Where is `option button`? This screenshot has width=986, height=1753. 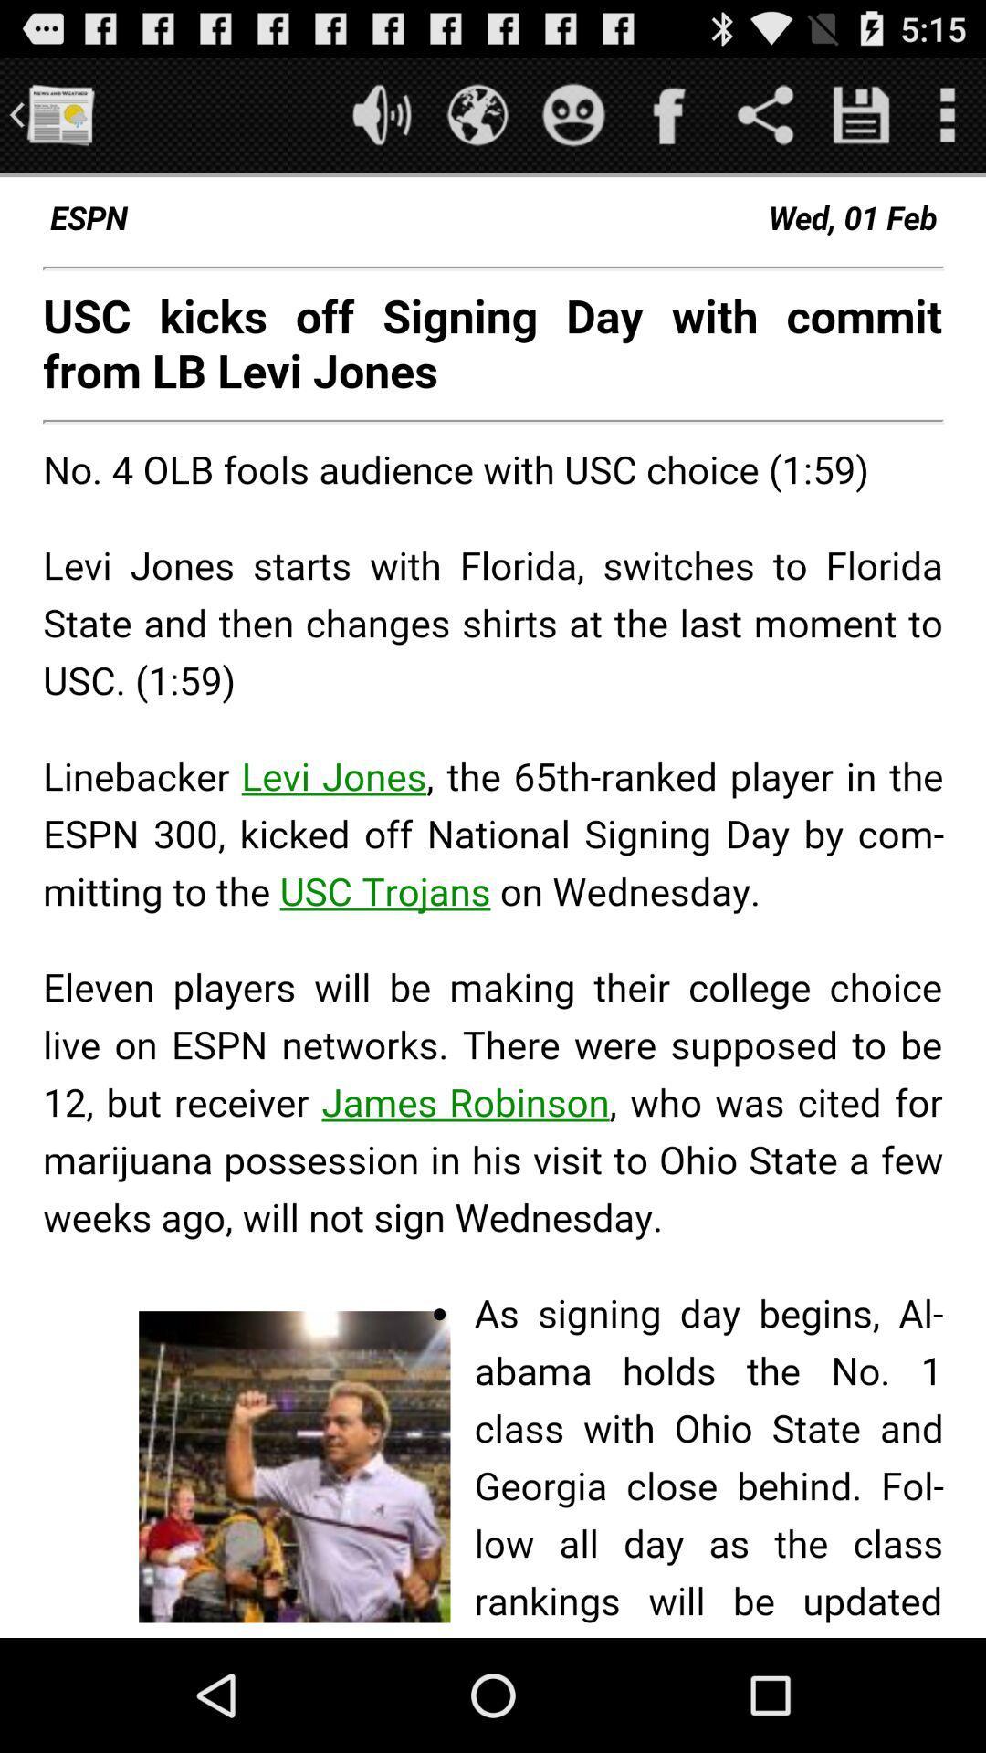
option button is located at coordinates (946, 113).